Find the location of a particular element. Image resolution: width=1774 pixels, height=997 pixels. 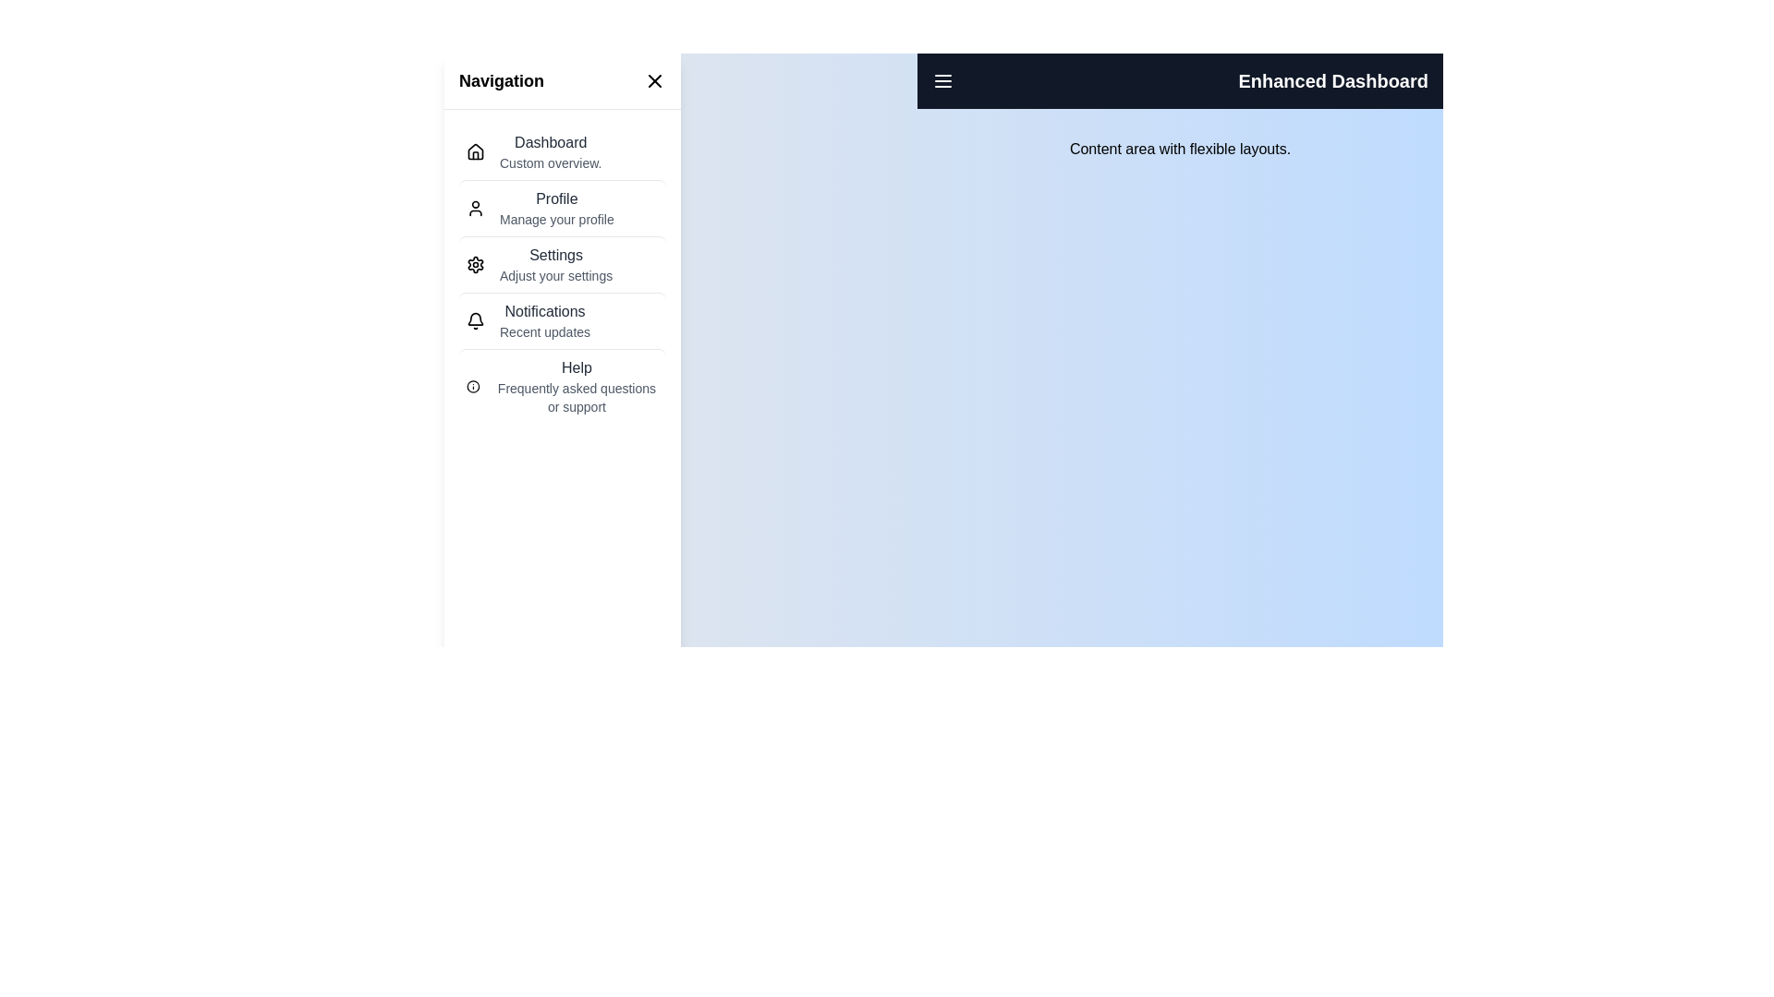

the Text label that provides a brief description of the 'Profile' menu item, situated in the left sidebar navigation menu, directly below 'Profile' and above 'Settings' is located at coordinates (555, 219).